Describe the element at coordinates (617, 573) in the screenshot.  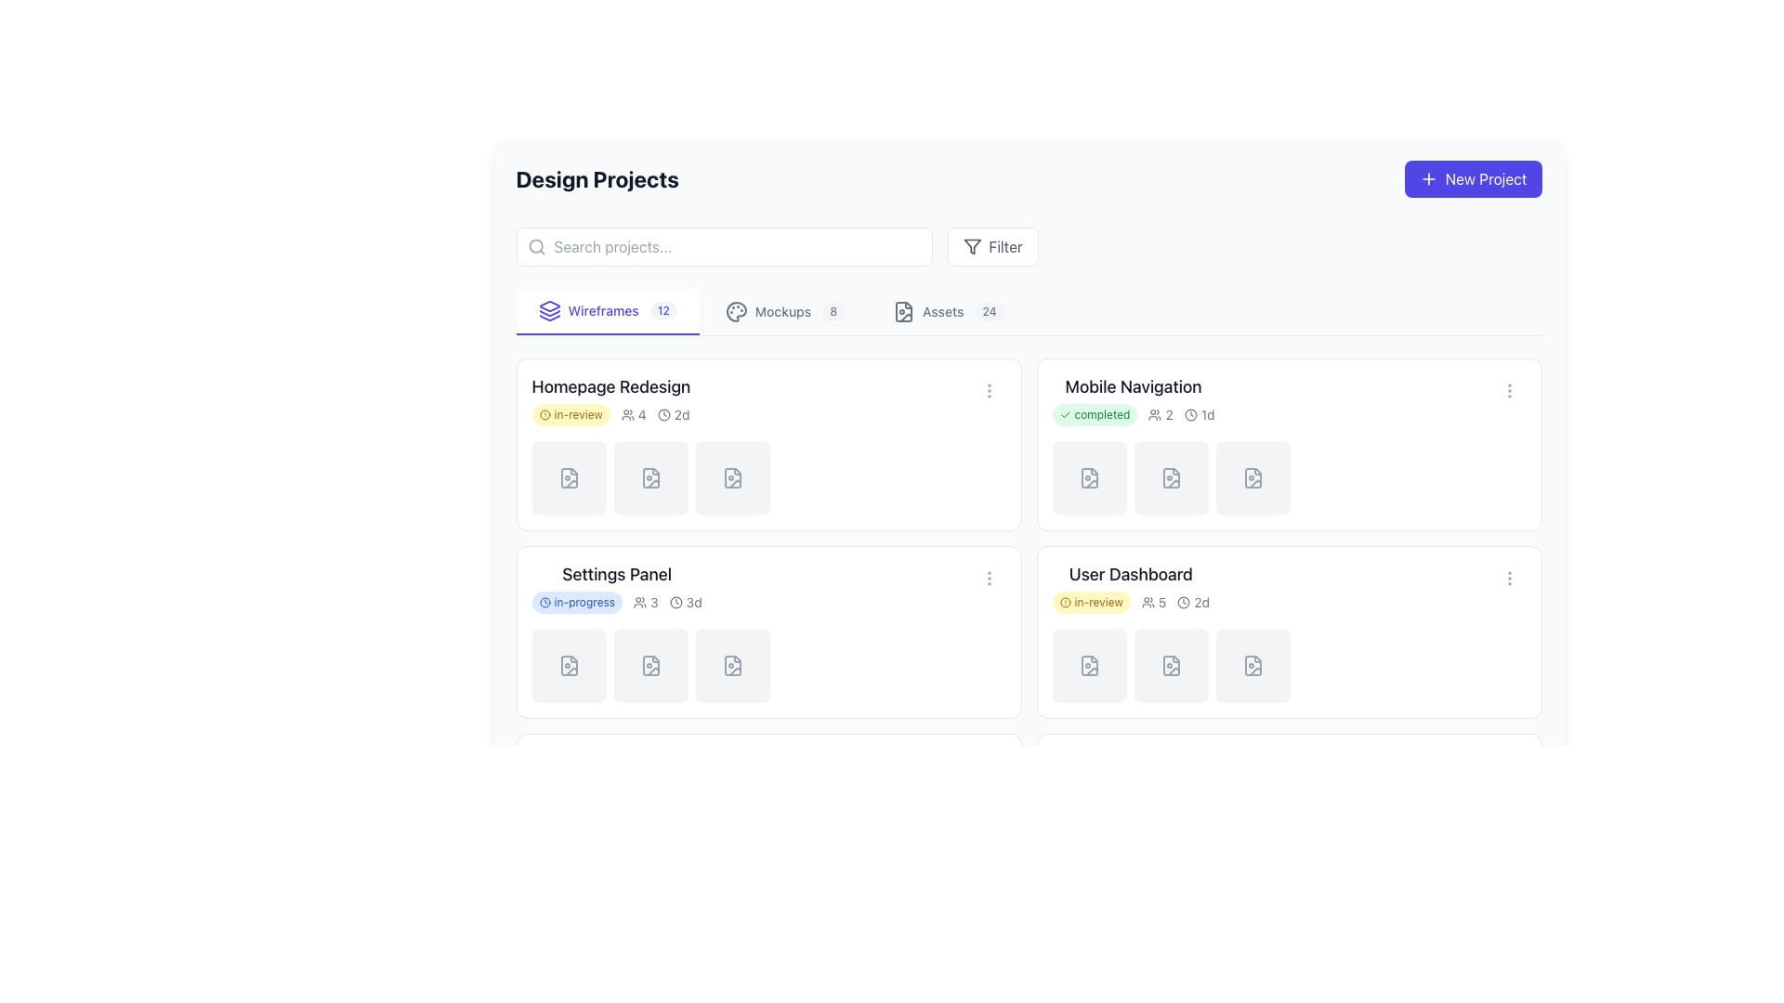
I see `the Text Label that serves as a title or header for the project card located in the leftmost card of the second row in the grid layout` at that location.